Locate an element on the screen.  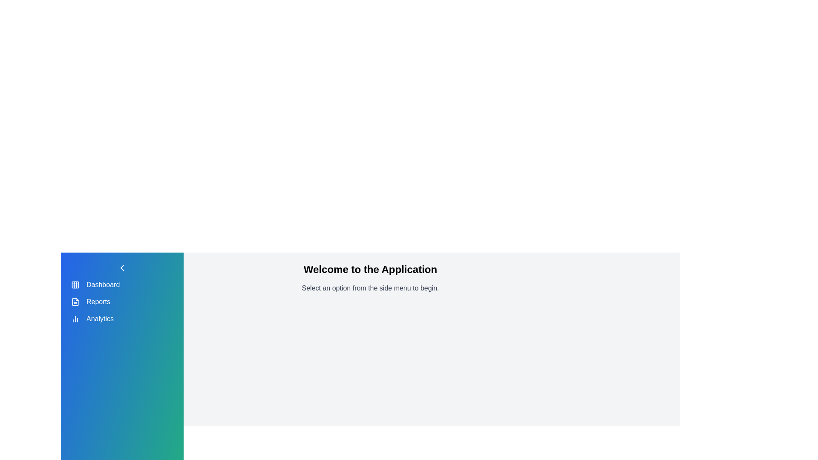
the toggle button to change the drawer state is located at coordinates (122, 267).